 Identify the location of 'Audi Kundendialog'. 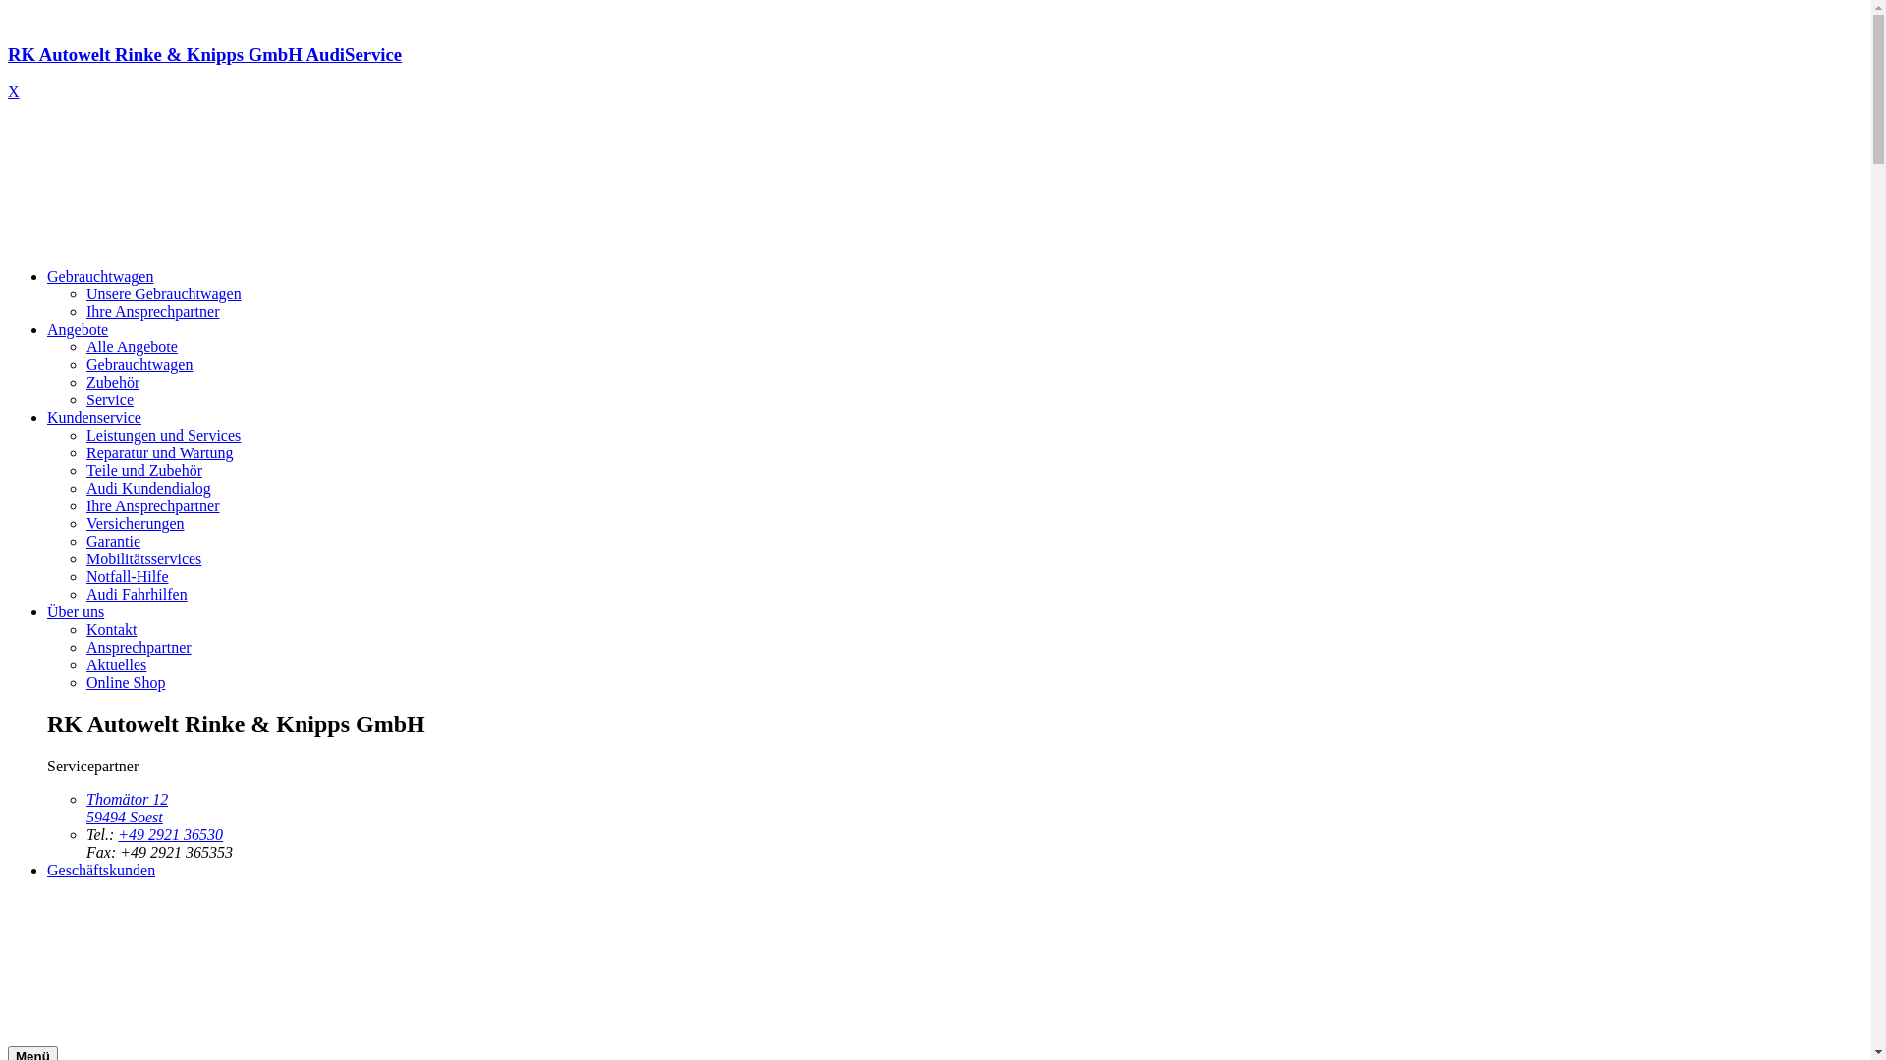
(147, 487).